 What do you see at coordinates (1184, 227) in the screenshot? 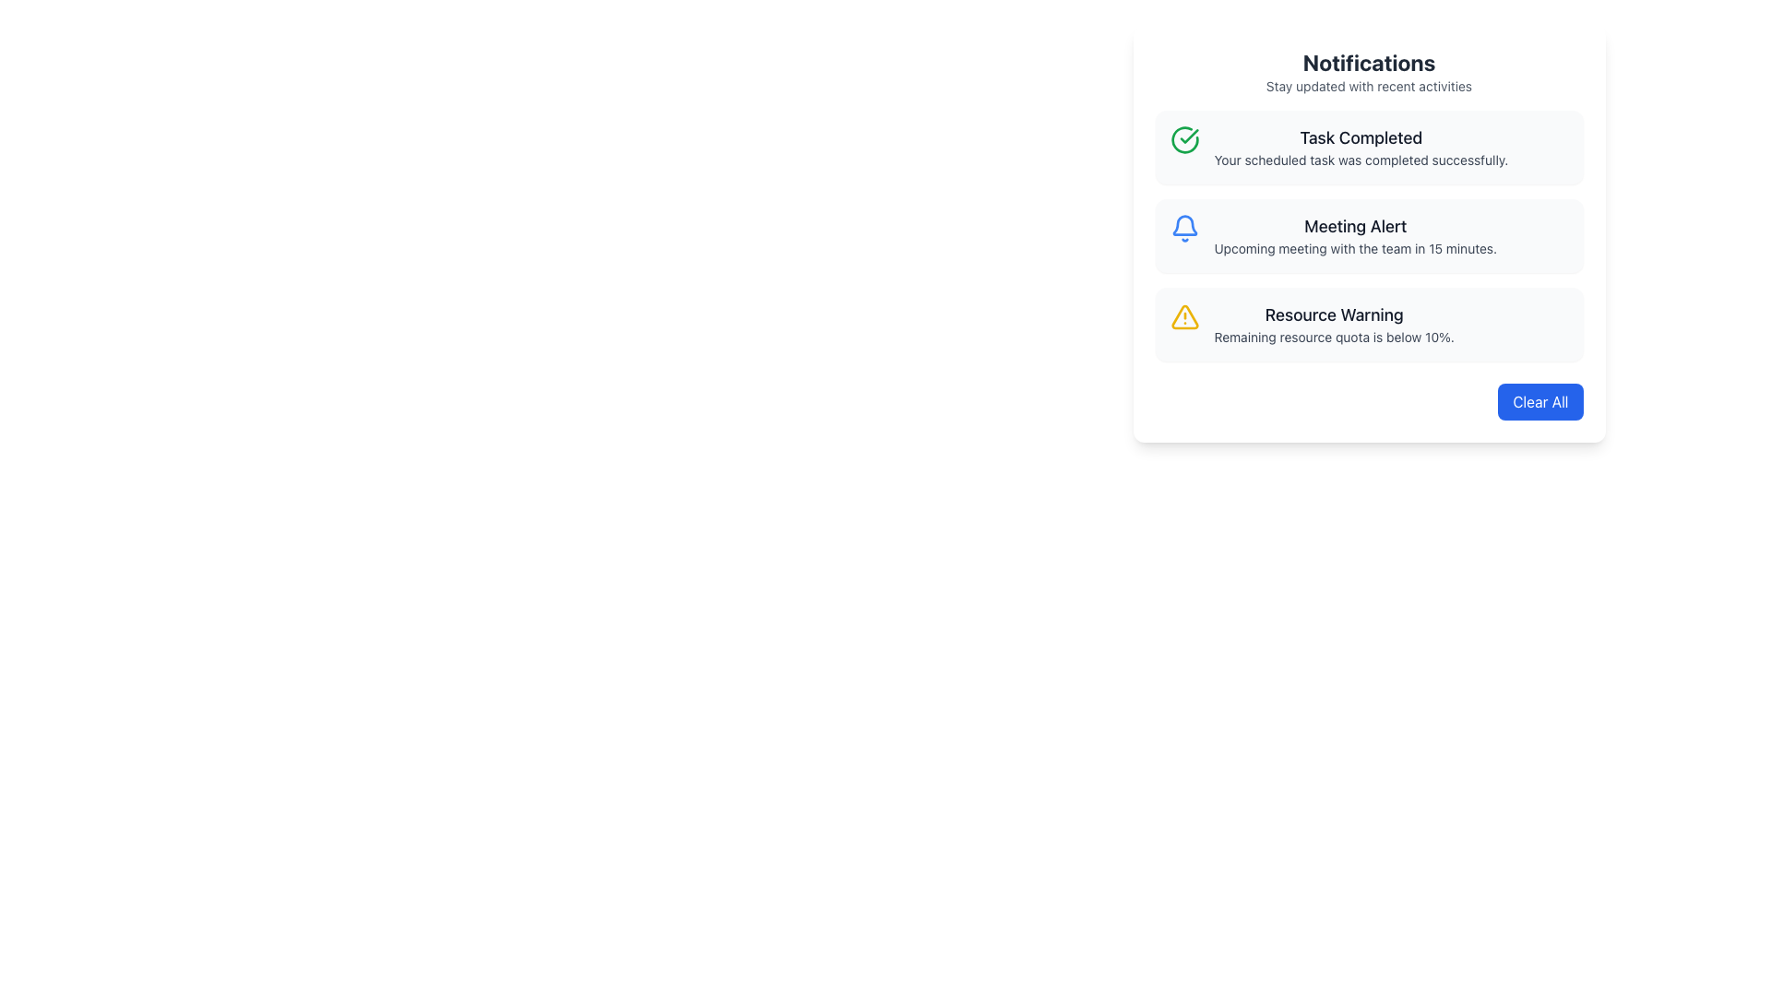
I see `the notification icon representing the 'Meeting Alert'` at bounding box center [1184, 227].